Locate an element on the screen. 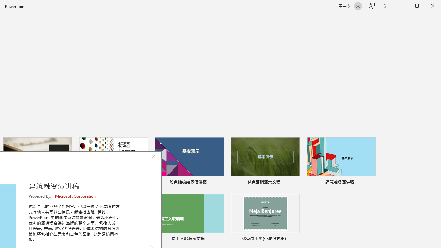  'Maximize' is located at coordinates (427, 7).